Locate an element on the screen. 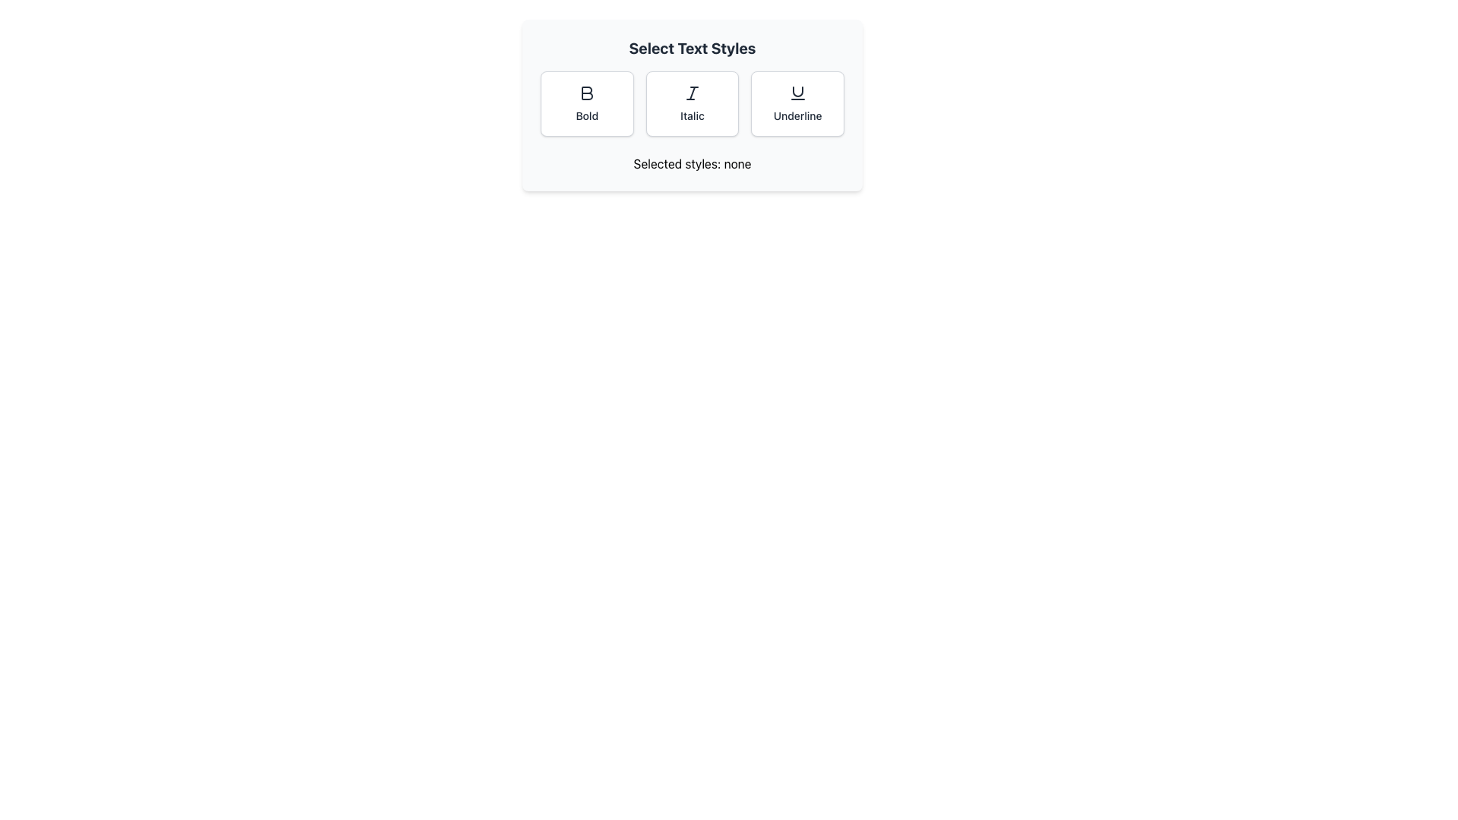 The image size is (1458, 820). the Text Label that serves as the section title, guiding the user to the interactive elements below is located at coordinates (692, 48).